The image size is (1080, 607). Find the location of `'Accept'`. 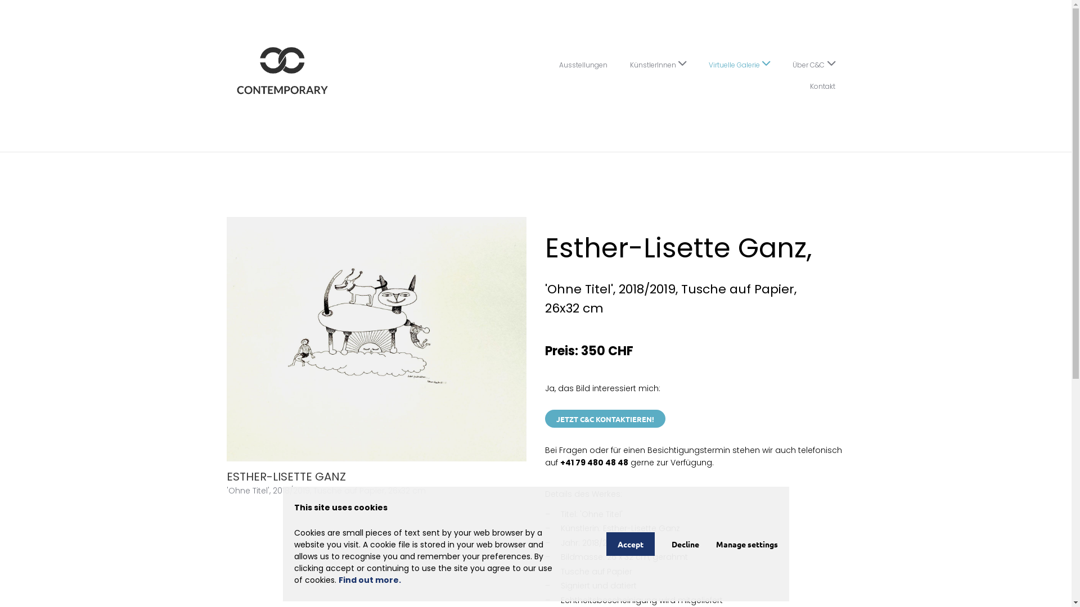

'Accept' is located at coordinates (606, 543).